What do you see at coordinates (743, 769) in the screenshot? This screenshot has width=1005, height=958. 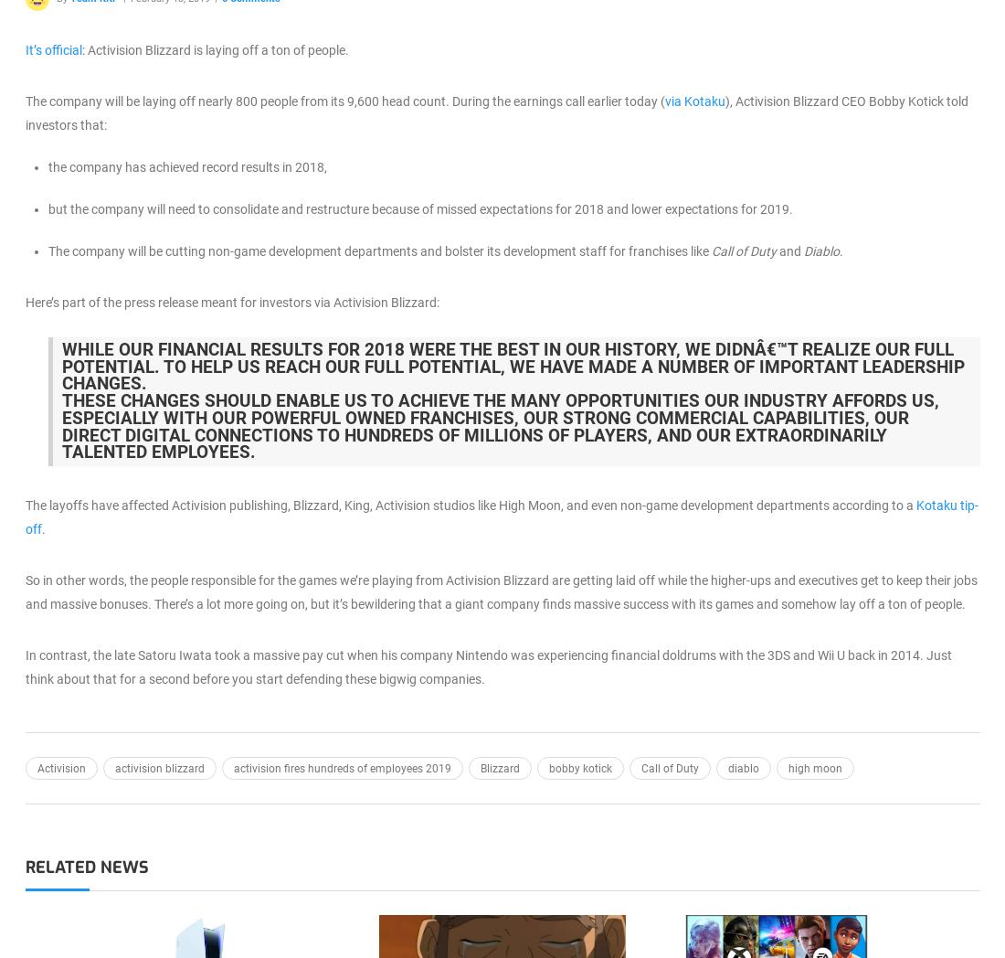 I see `'diablo'` at bounding box center [743, 769].